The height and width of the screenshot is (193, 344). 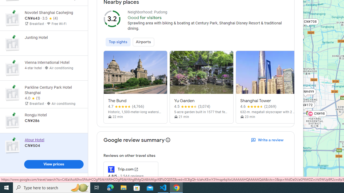 I want to click on '3.2 out of 5', so click(x=112, y=18).